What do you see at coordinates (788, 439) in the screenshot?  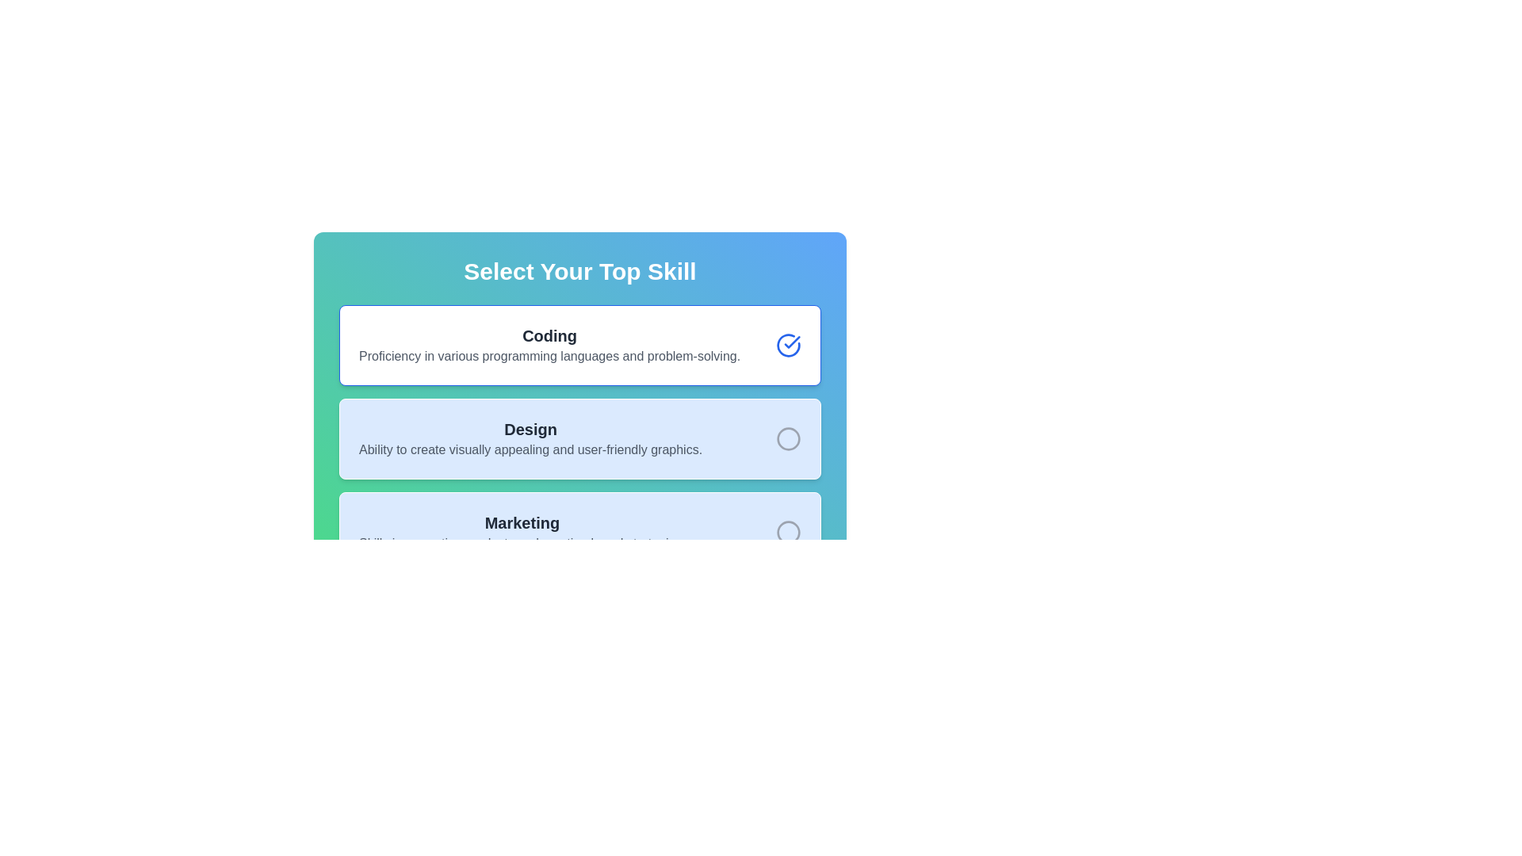 I see `the circular graphical indicator that is centered within the checkbox for the 'Design' skill option` at bounding box center [788, 439].